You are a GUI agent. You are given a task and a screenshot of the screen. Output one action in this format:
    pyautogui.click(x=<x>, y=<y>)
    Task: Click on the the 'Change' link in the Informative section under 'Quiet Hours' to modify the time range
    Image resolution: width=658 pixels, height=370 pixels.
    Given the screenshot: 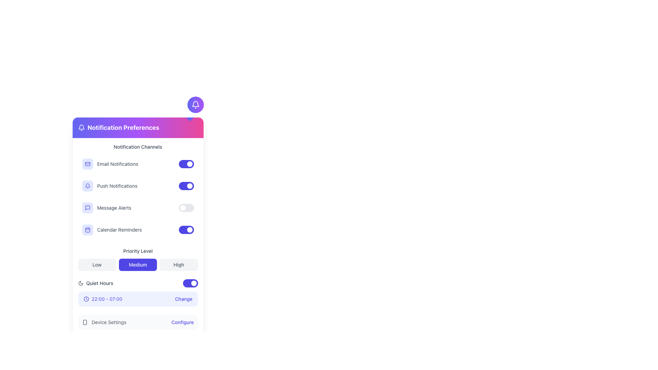 What is the action you would take?
    pyautogui.click(x=137, y=293)
    